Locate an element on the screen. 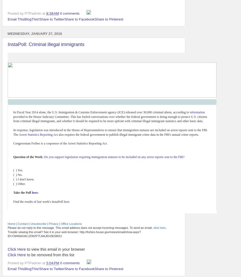 This screenshot has height=277, width=241. '(  ) Yes.' is located at coordinates (18, 170).